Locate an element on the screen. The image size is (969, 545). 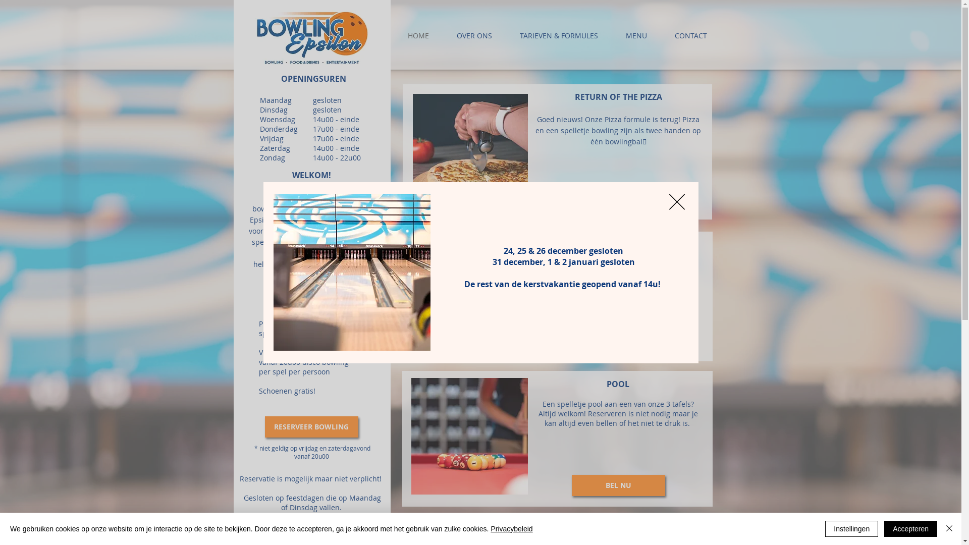
'Terug naar de website' is located at coordinates (669, 202).